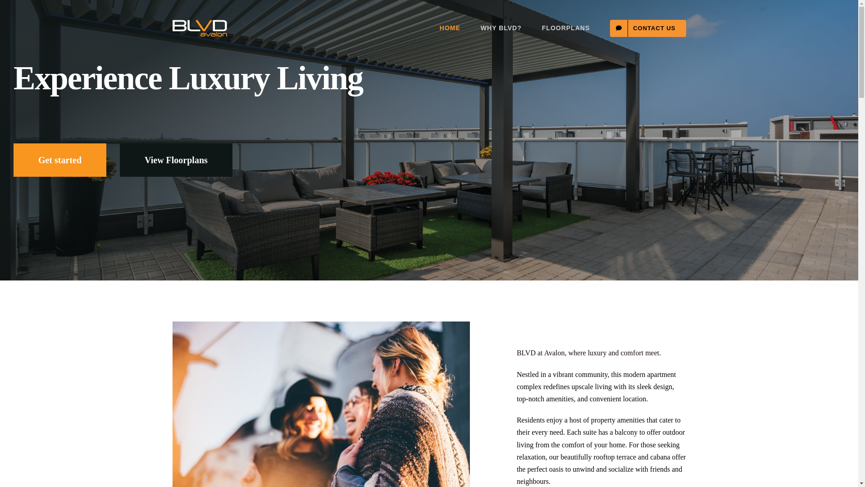 The image size is (865, 487). What do you see at coordinates (176, 159) in the screenshot?
I see `'View Floorplans'` at bounding box center [176, 159].